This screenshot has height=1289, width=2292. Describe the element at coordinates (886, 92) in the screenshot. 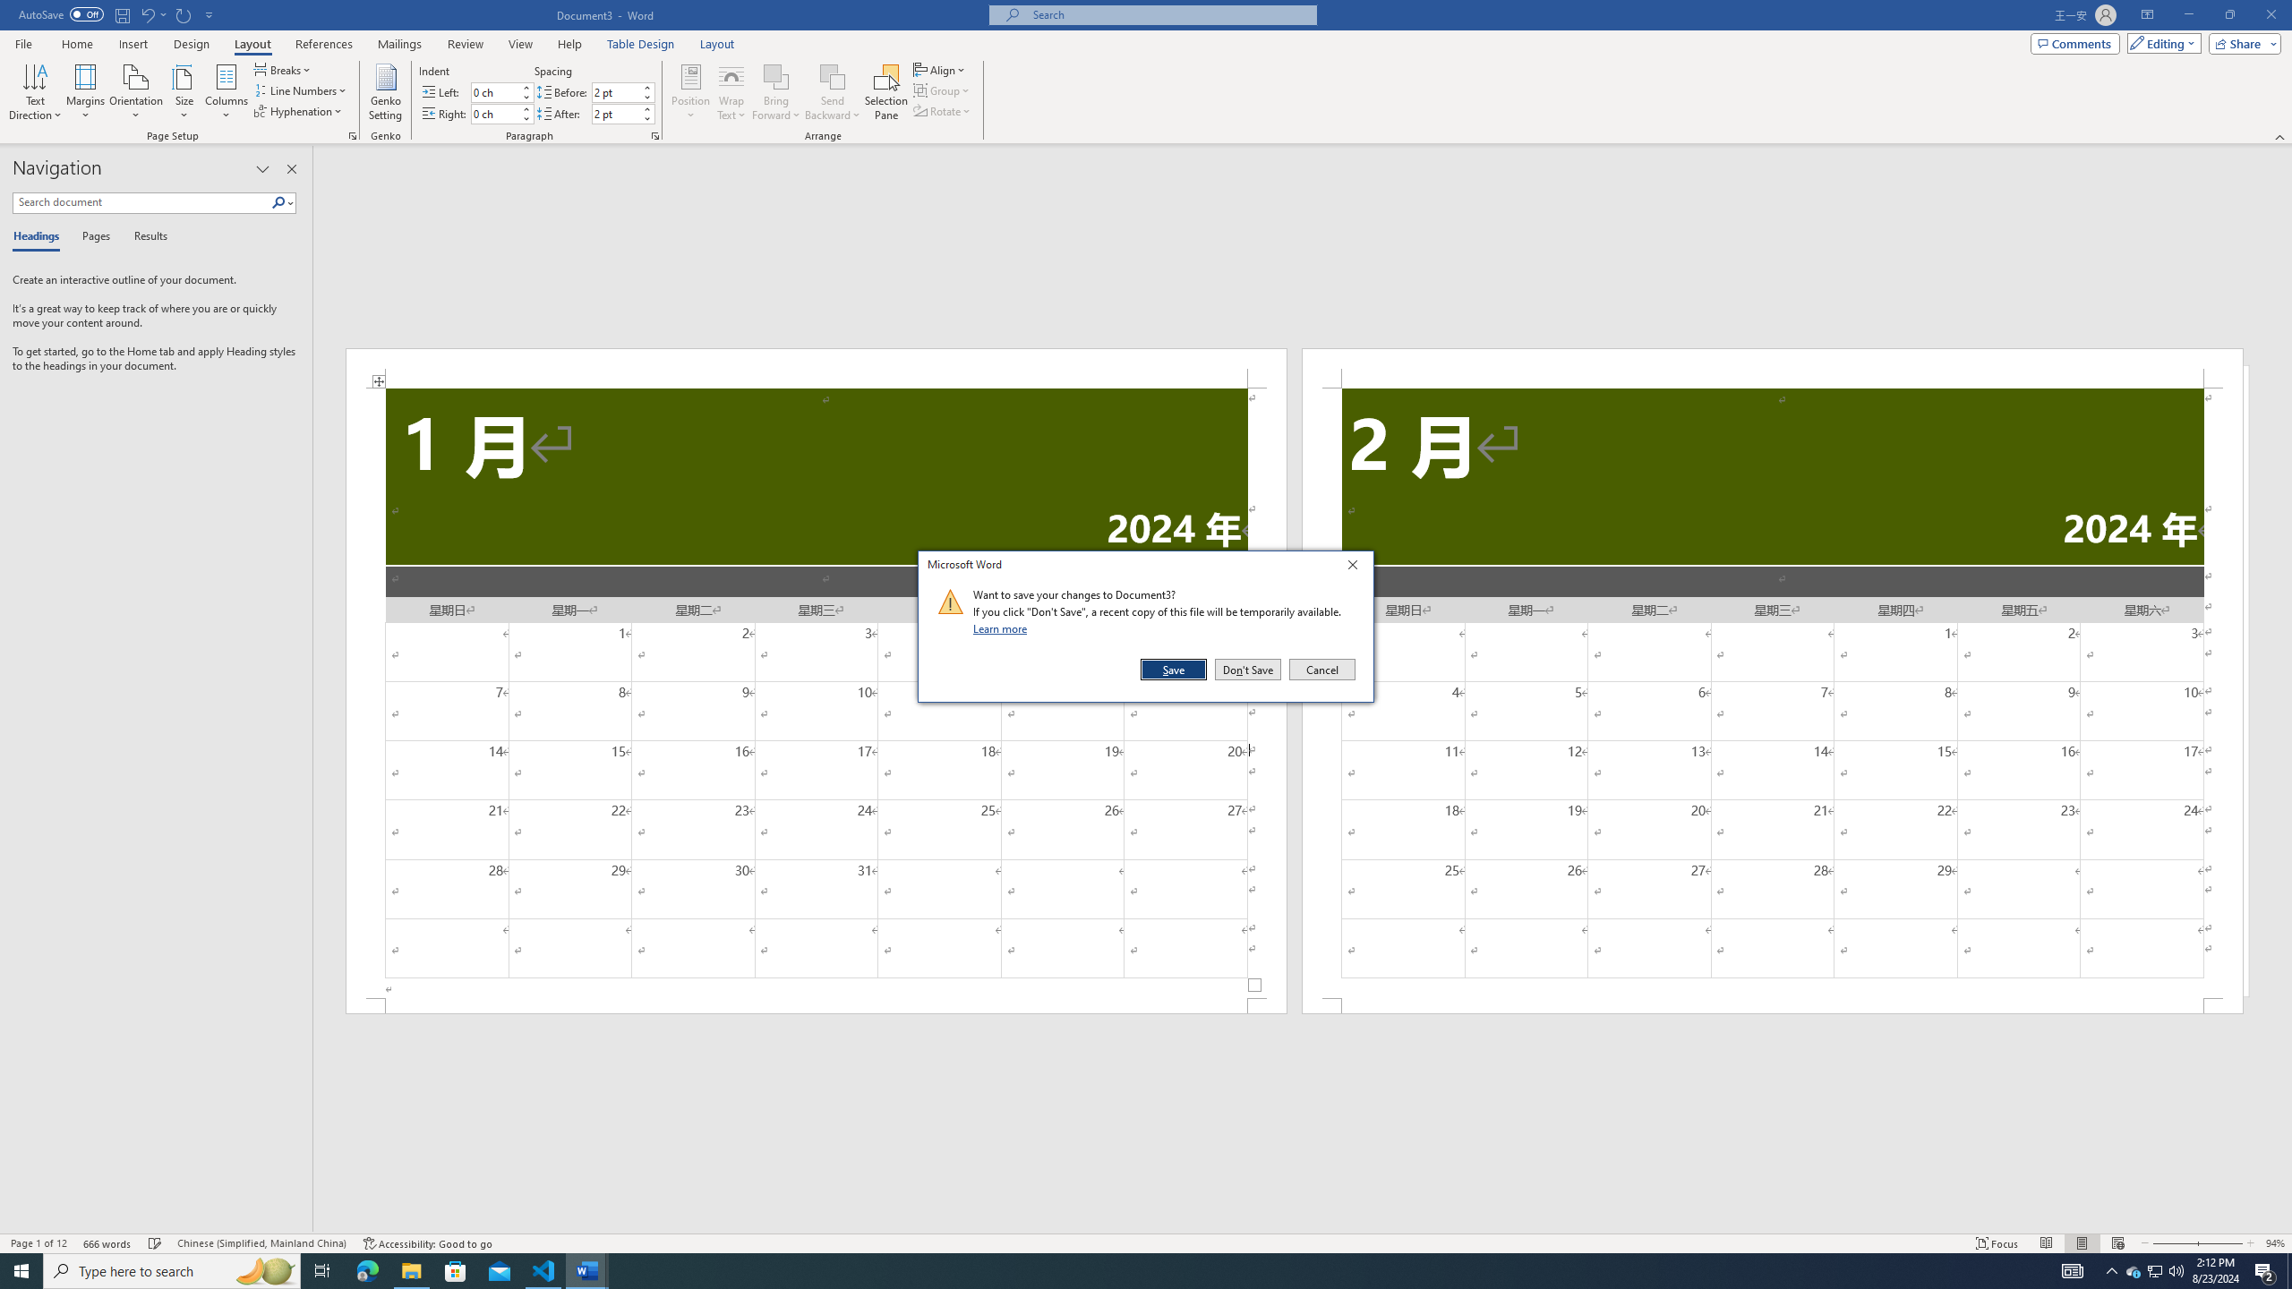

I see `'Selection Pane...'` at that location.